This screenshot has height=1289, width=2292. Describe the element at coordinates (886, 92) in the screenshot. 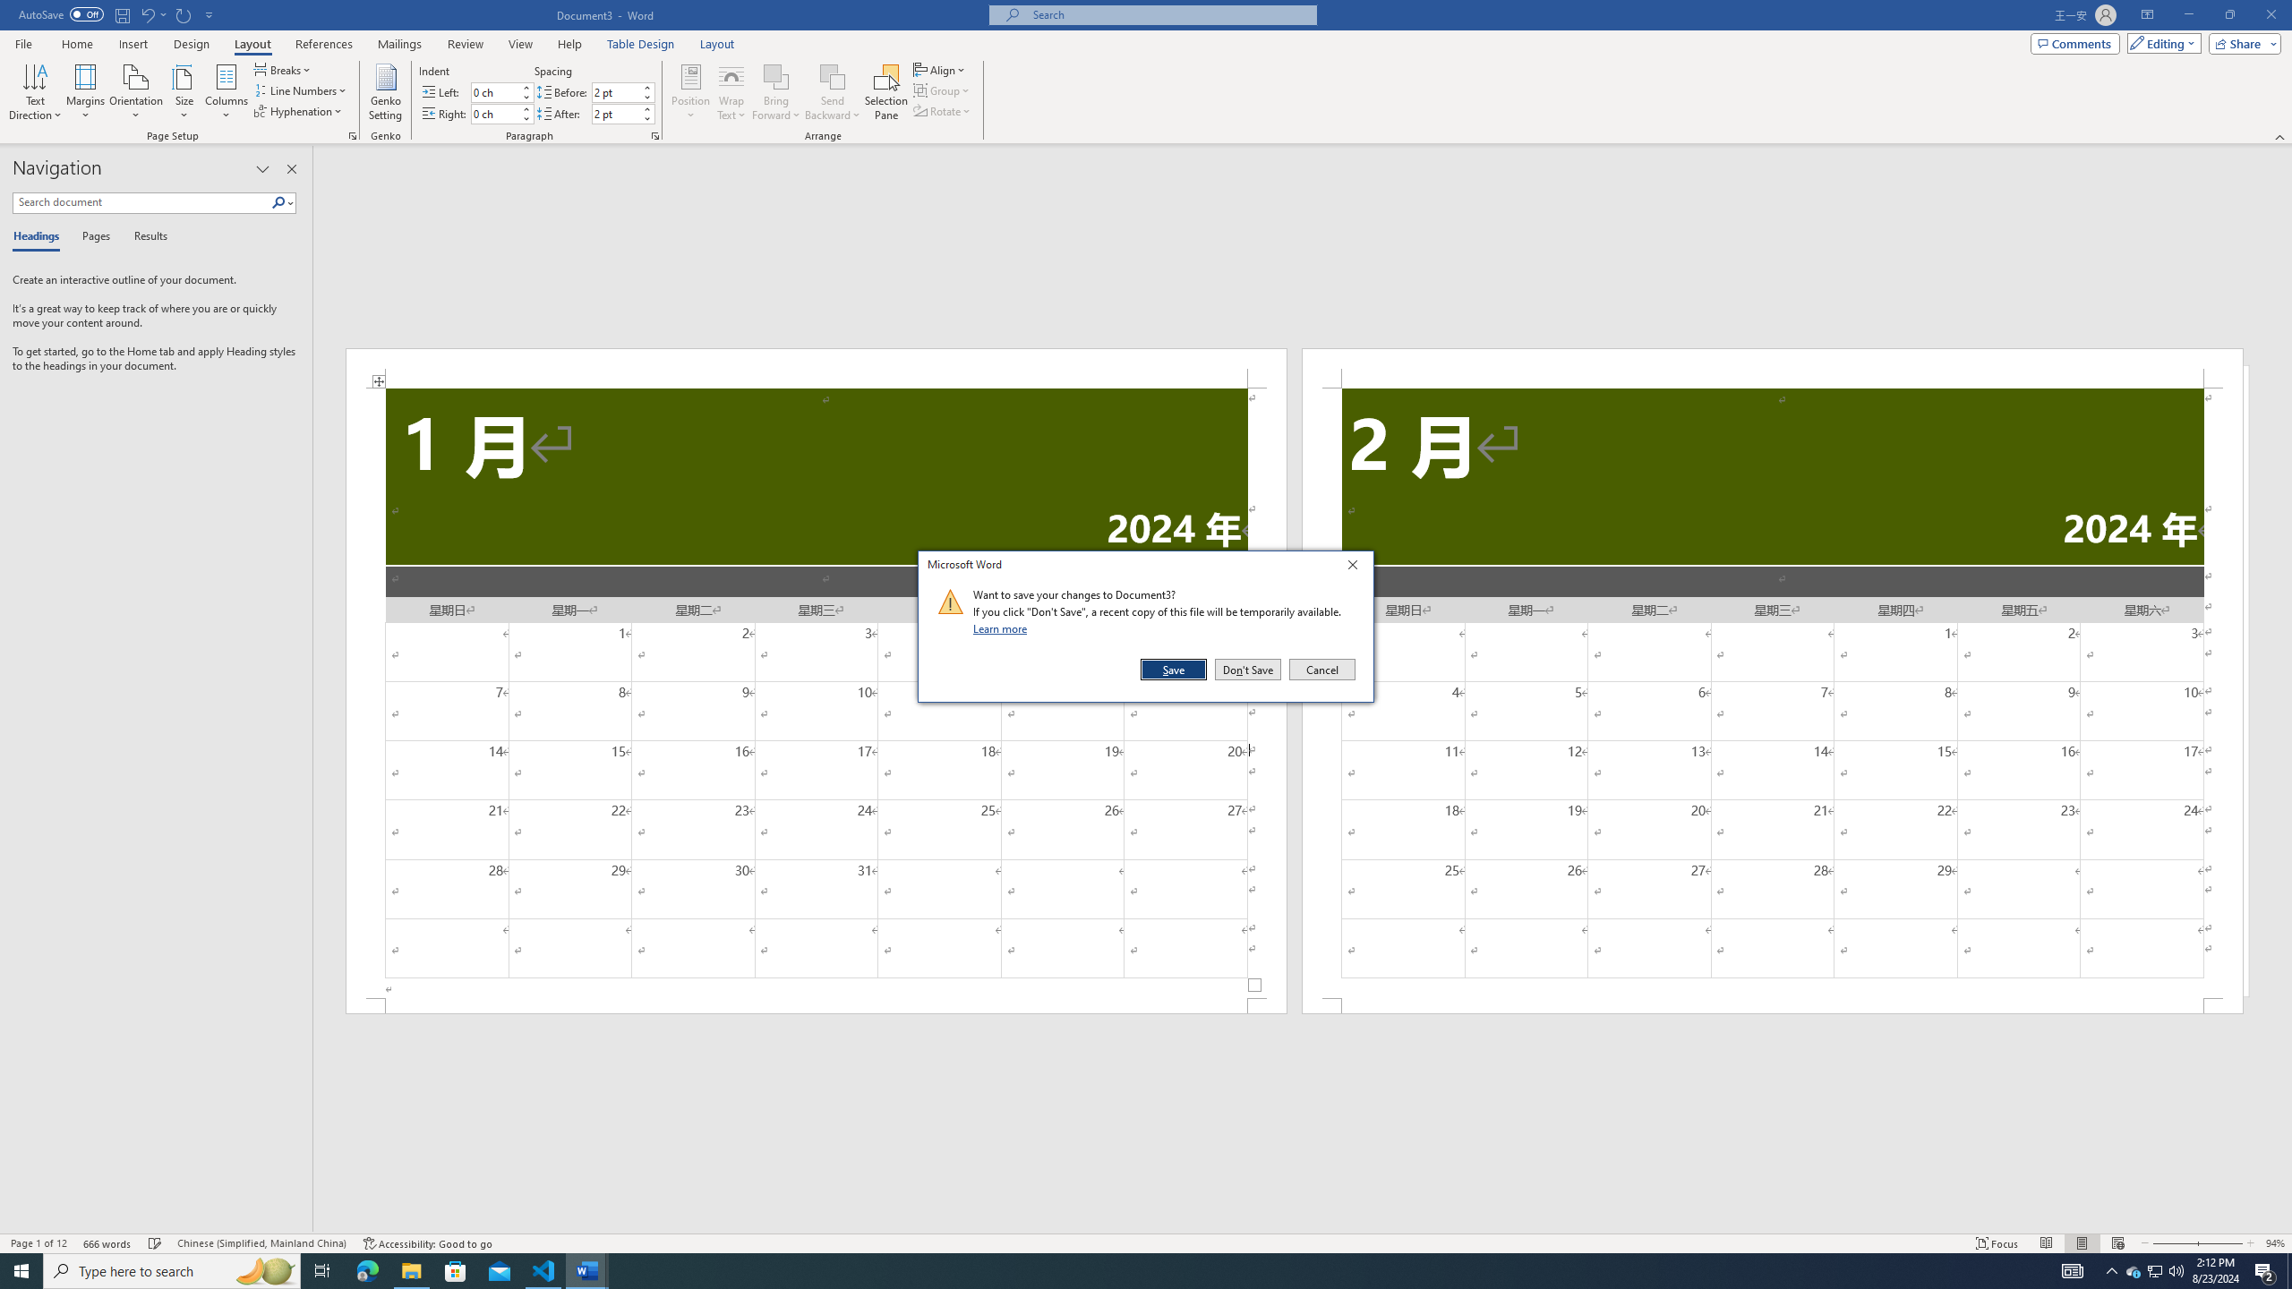

I see `'Selection Pane...'` at that location.